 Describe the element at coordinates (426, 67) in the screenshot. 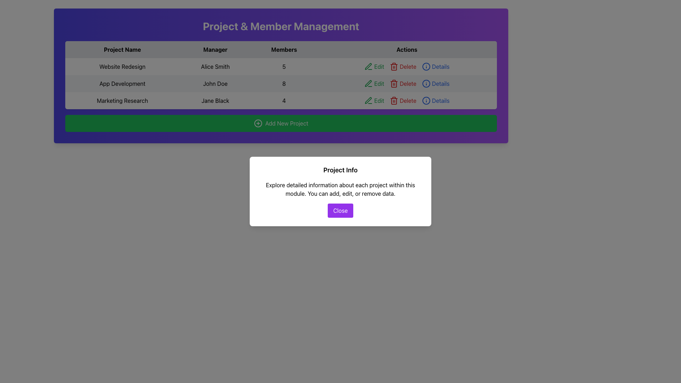

I see `the circular icon associated with the 'Details' action in the first row of the project management table` at that location.